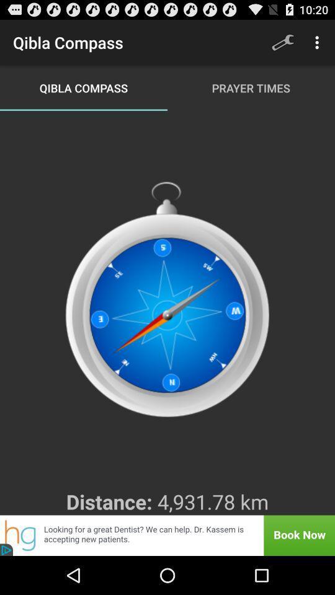 This screenshot has height=595, width=335. Describe the element at coordinates (167, 535) in the screenshot. I see `the item below distance: app` at that location.